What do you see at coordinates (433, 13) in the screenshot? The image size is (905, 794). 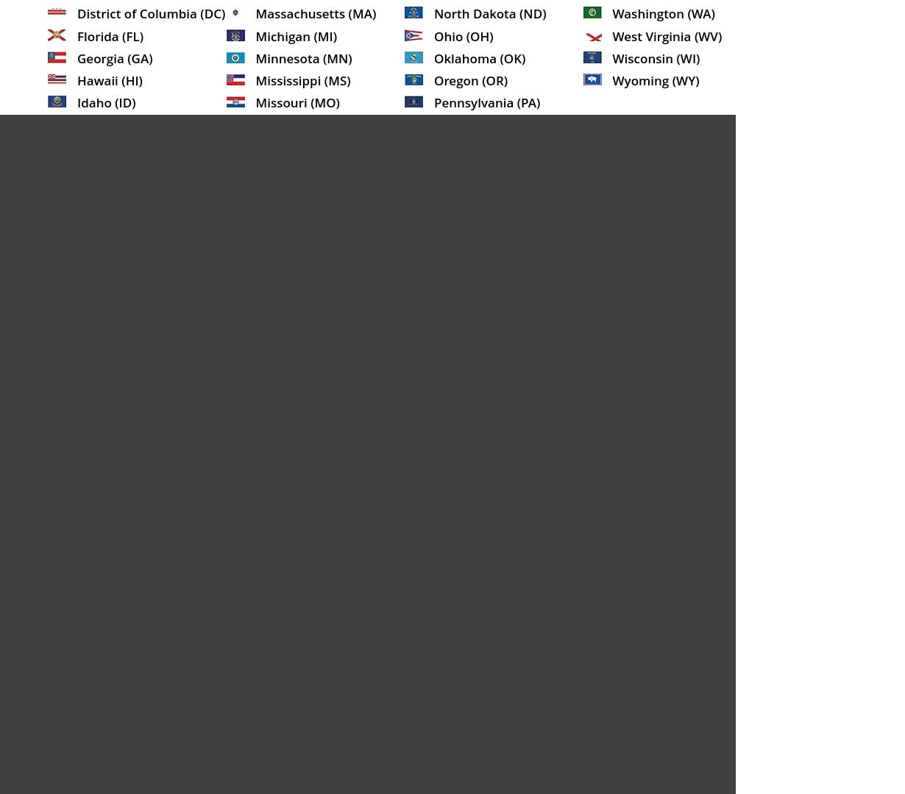 I see `'North Dakota (ND)'` at bounding box center [433, 13].